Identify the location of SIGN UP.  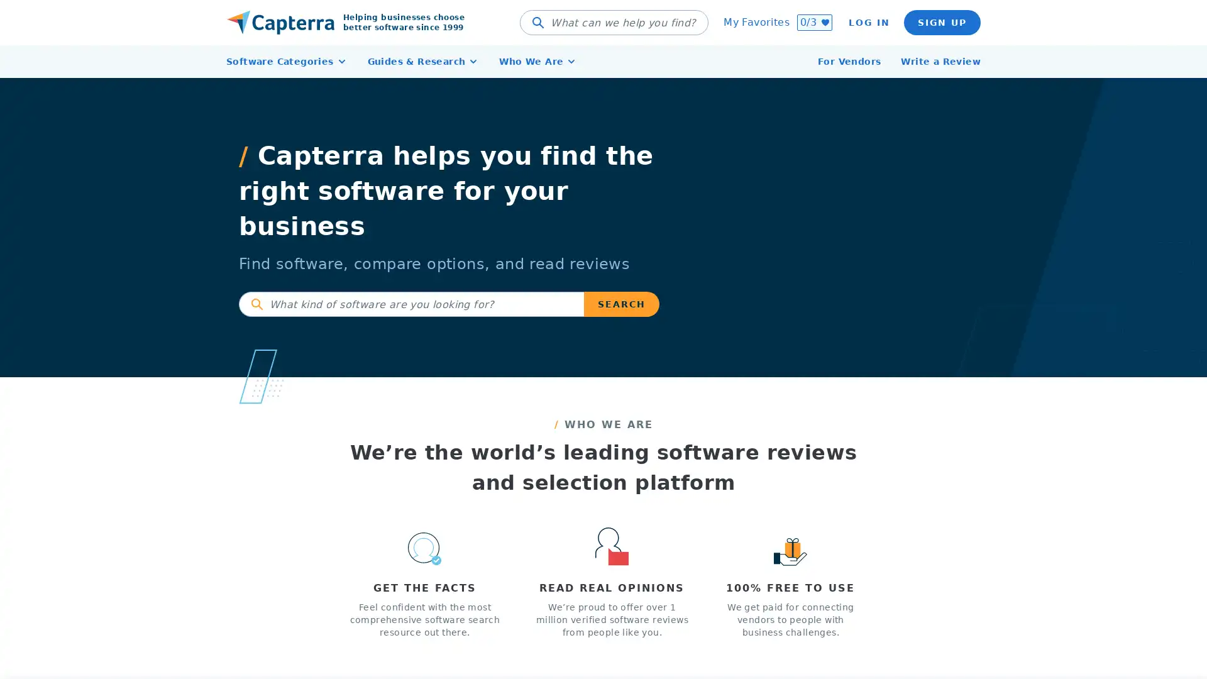
(942, 22).